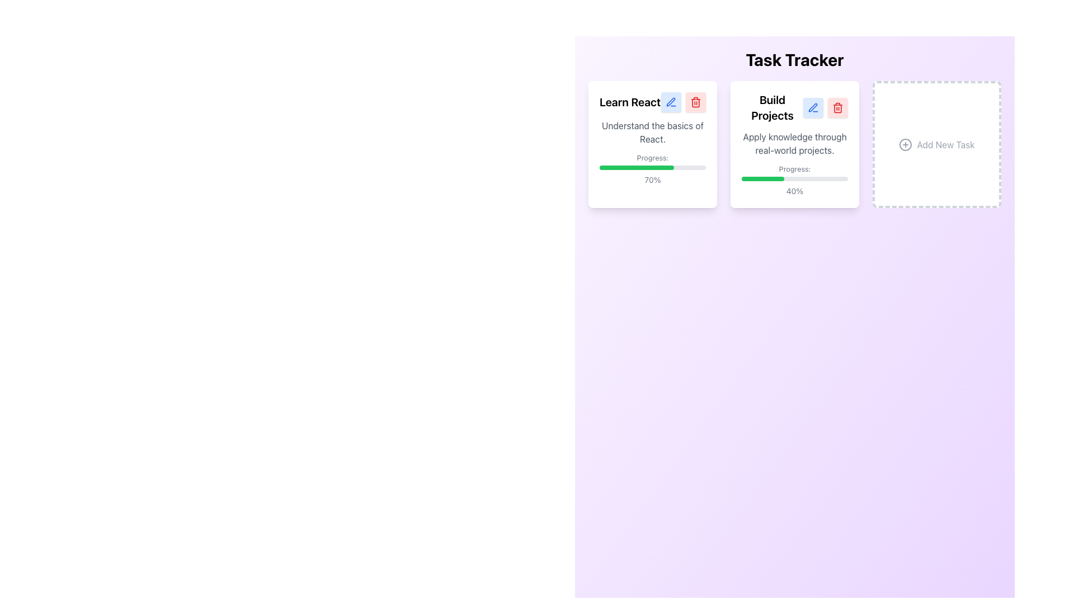 This screenshot has width=1074, height=604. I want to click on the progress level visually on the progress bar representing the 'Learn React' task, which shows a completion value of 70%, so click(652, 168).